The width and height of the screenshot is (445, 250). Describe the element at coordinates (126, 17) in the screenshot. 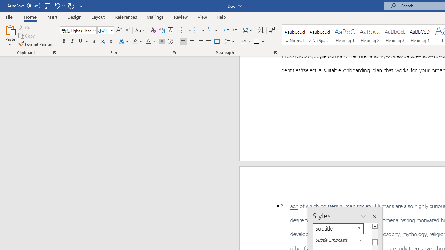

I see `'References'` at that location.